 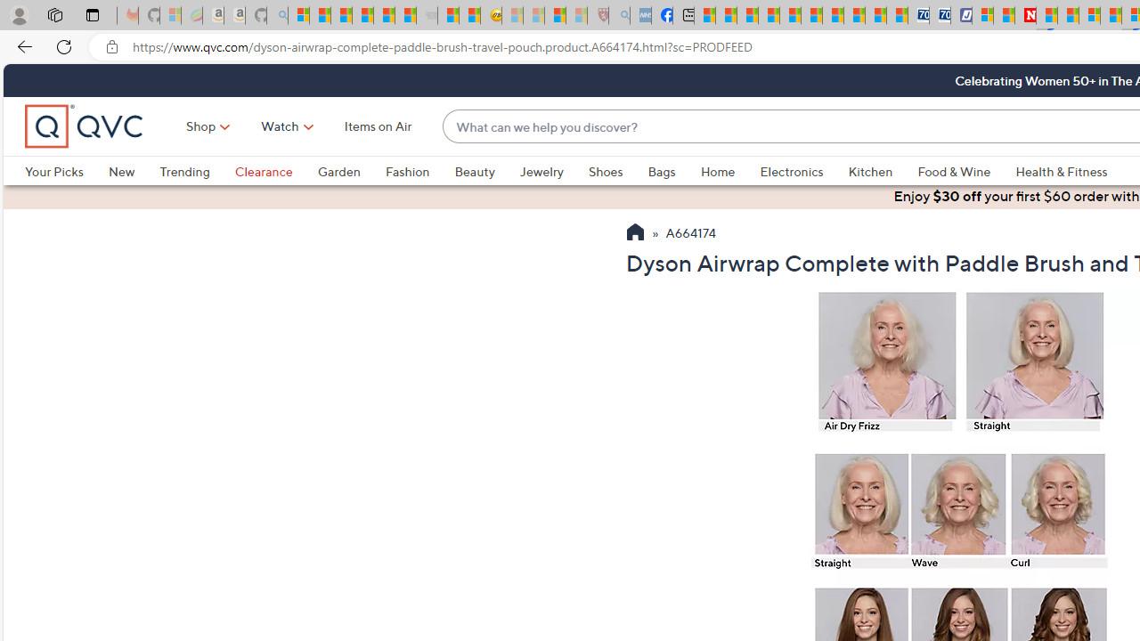 What do you see at coordinates (606, 171) in the screenshot?
I see `'Shoes'` at bounding box center [606, 171].